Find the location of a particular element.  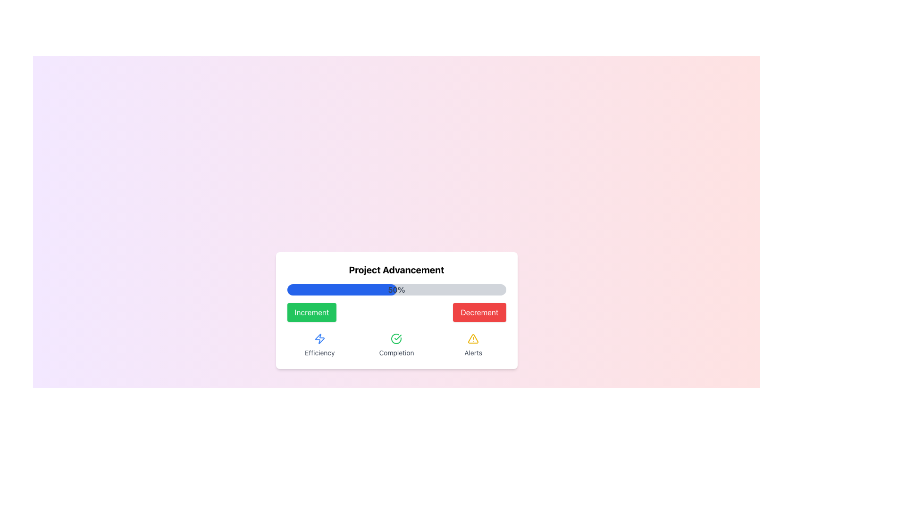

the text label that describes the associated warning indicator below the warning triangle icon and the 'Decrement' button is located at coordinates (473, 353).